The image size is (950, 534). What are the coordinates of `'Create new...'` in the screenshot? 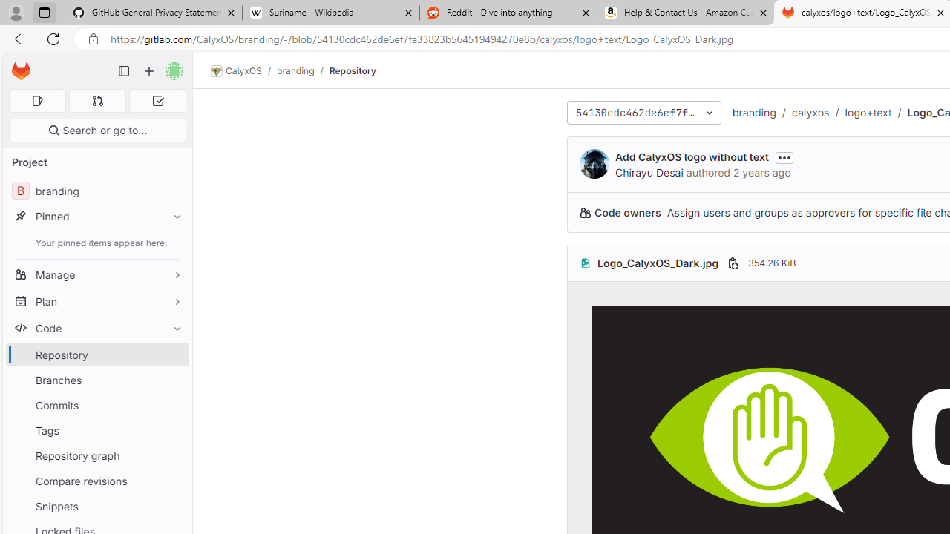 It's located at (149, 71).